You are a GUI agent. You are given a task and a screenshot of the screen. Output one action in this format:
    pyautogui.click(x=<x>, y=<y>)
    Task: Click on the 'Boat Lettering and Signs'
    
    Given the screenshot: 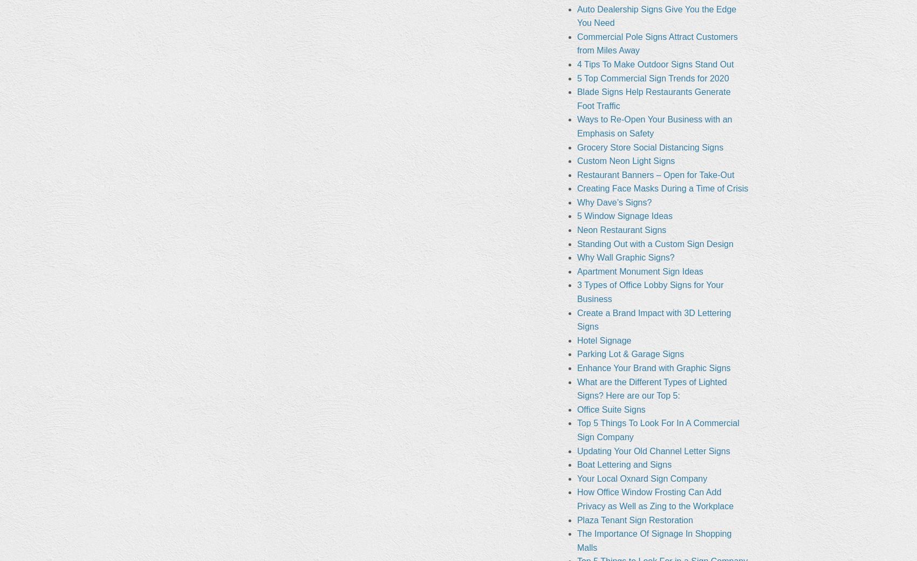 What is the action you would take?
    pyautogui.click(x=576, y=464)
    